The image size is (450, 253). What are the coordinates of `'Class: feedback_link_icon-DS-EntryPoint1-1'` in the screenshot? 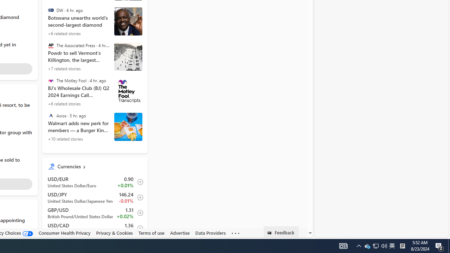 It's located at (270, 233).